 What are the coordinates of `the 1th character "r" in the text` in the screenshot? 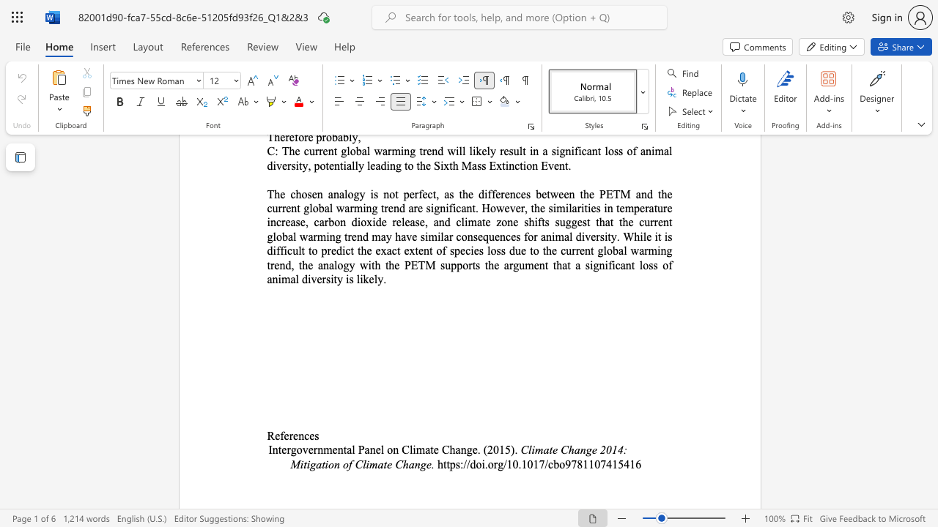 It's located at (495, 464).